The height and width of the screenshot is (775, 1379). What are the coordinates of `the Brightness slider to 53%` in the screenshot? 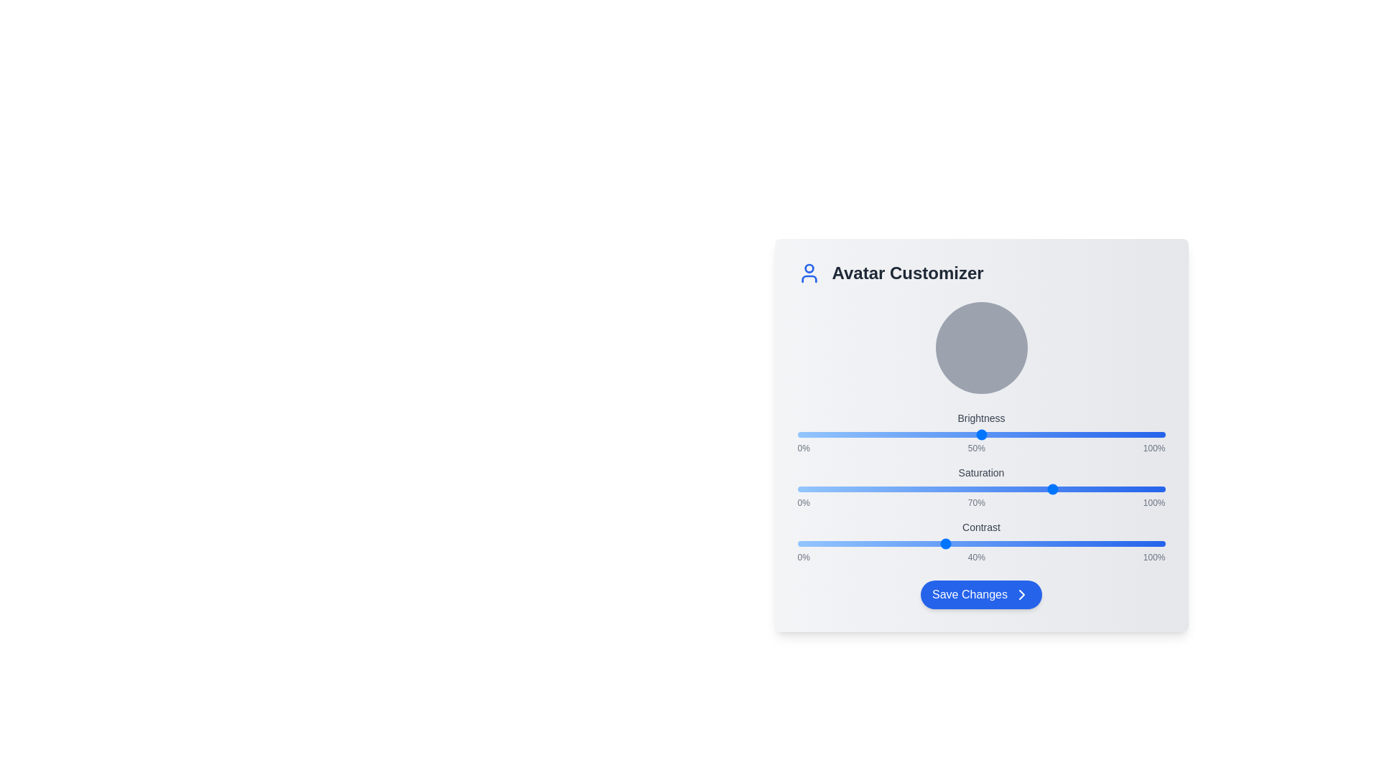 It's located at (991, 433).